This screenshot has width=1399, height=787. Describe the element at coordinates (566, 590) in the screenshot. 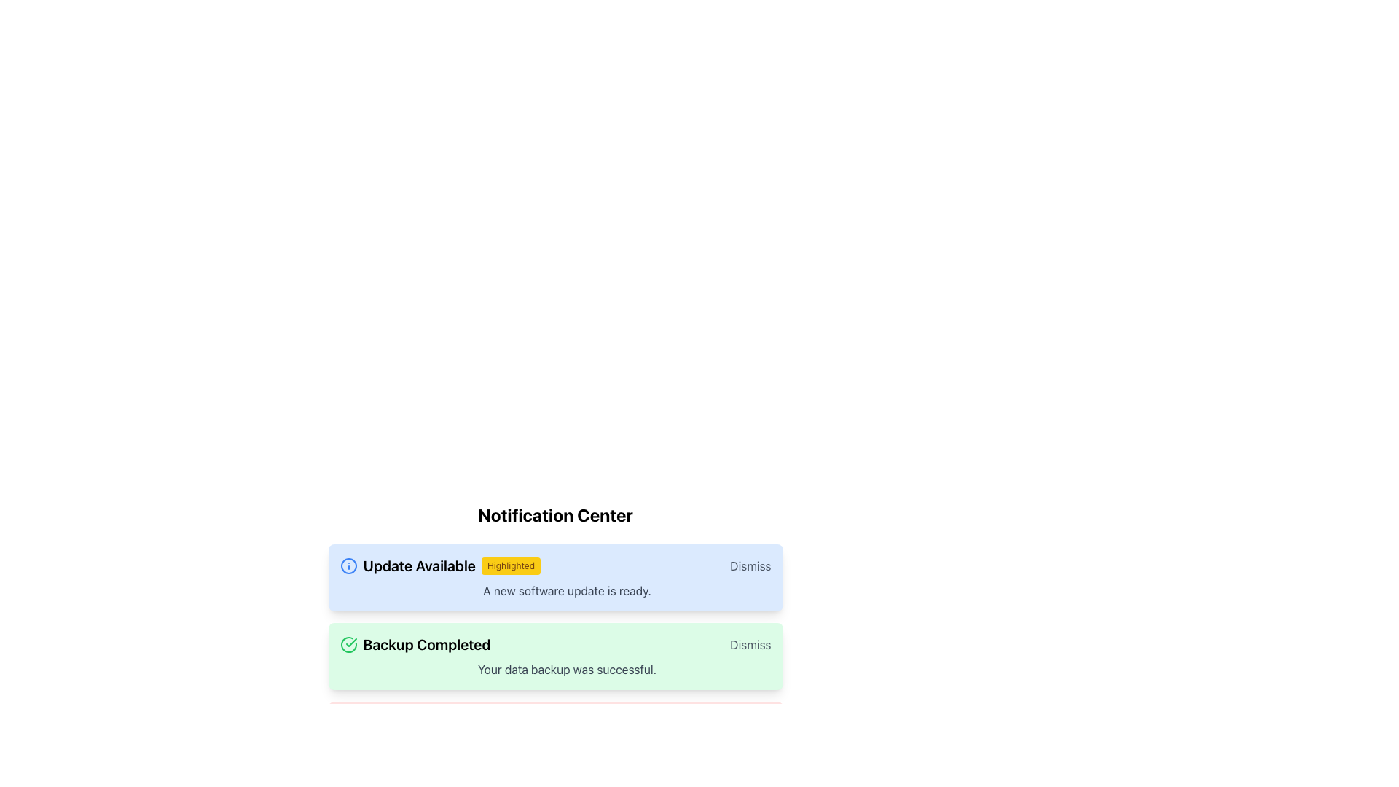

I see `the text element displaying 'A new software update is ready.' located in the notification card below the 'Notification Center' header` at that location.